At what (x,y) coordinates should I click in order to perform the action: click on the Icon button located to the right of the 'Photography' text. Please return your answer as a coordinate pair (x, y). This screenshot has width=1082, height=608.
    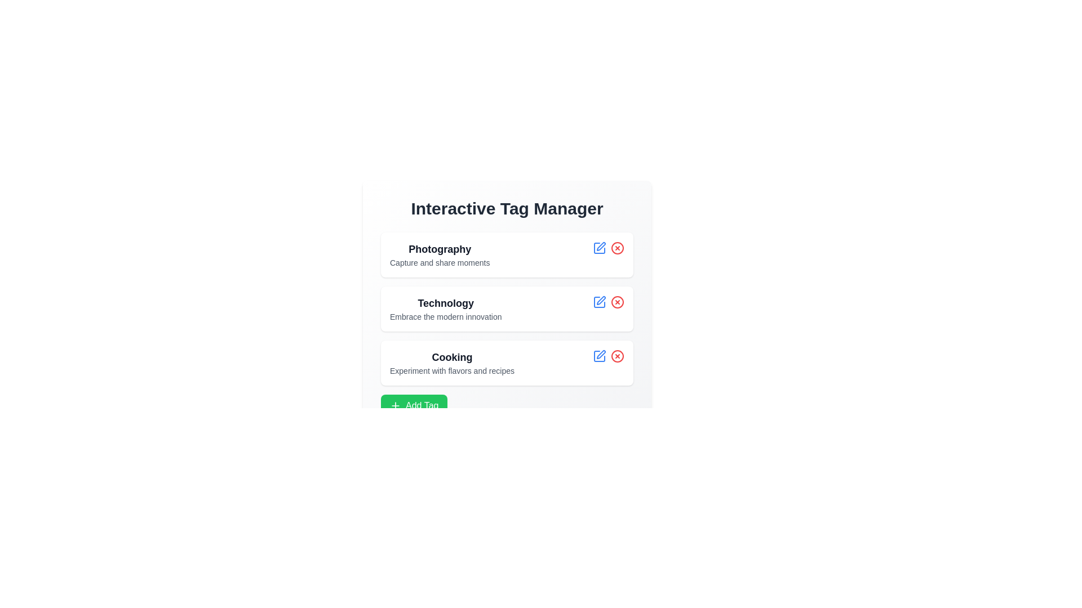
    Looking at the image, I should click on (599, 247).